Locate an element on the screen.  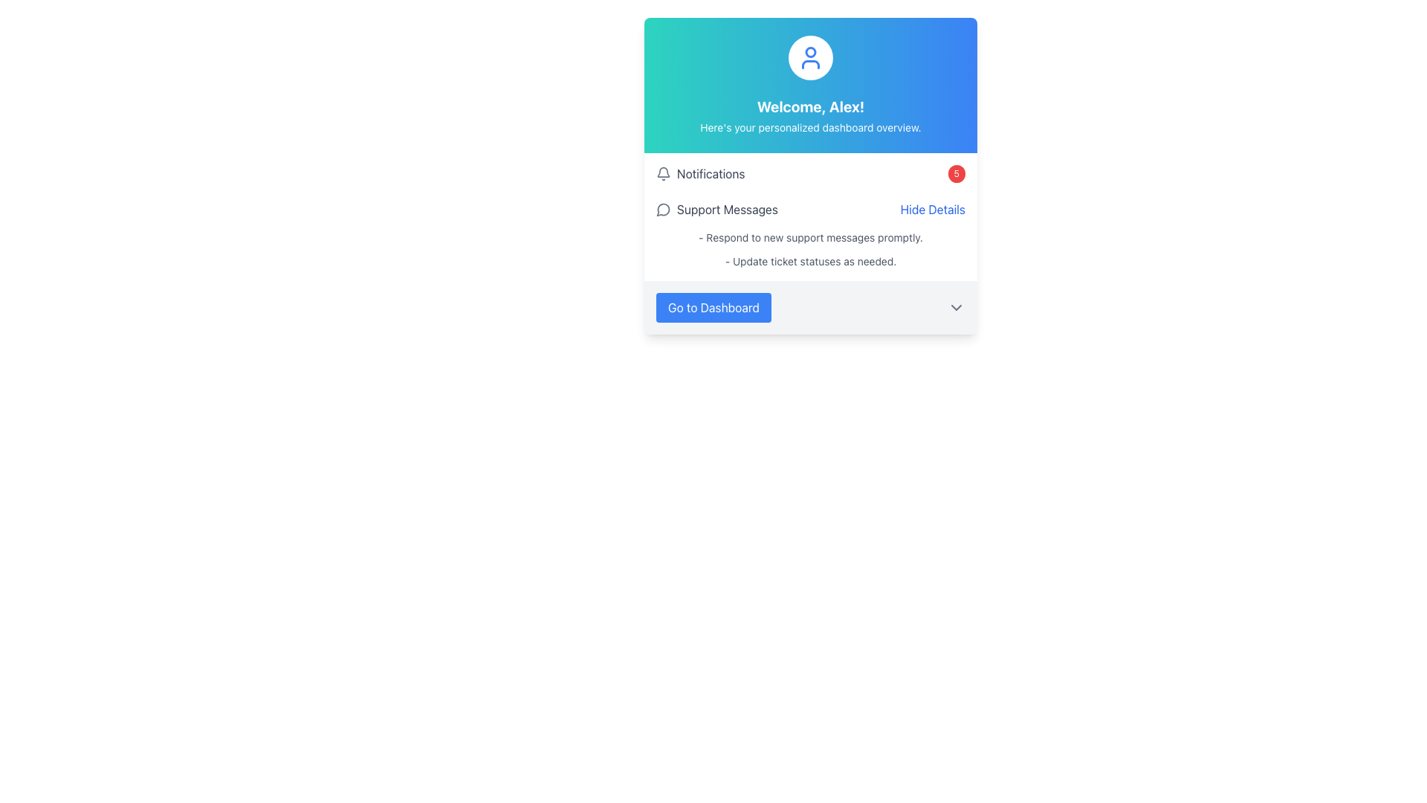
the static text element that serves as an introductory description beneath the header text 'Welcome, Alex!' is located at coordinates (809, 127).